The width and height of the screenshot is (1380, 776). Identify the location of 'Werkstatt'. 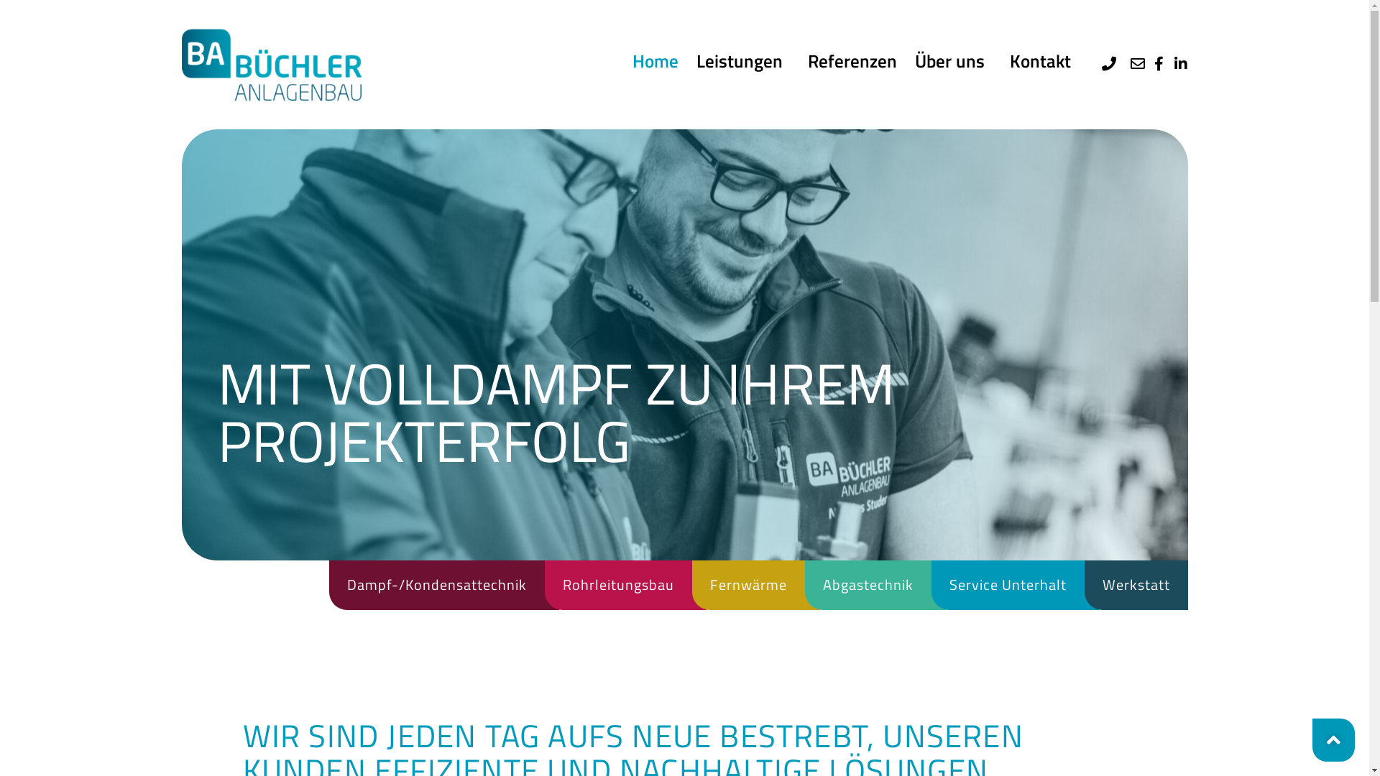
(1135, 584).